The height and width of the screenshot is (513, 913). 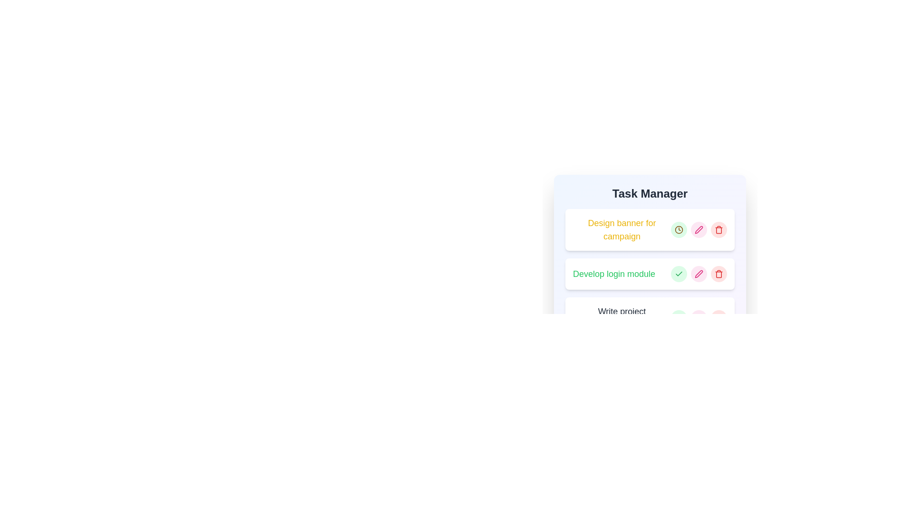 What do you see at coordinates (719, 229) in the screenshot?
I see `the delete button, which is the third circular button in the group of similar buttons` at bounding box center [719, 229].